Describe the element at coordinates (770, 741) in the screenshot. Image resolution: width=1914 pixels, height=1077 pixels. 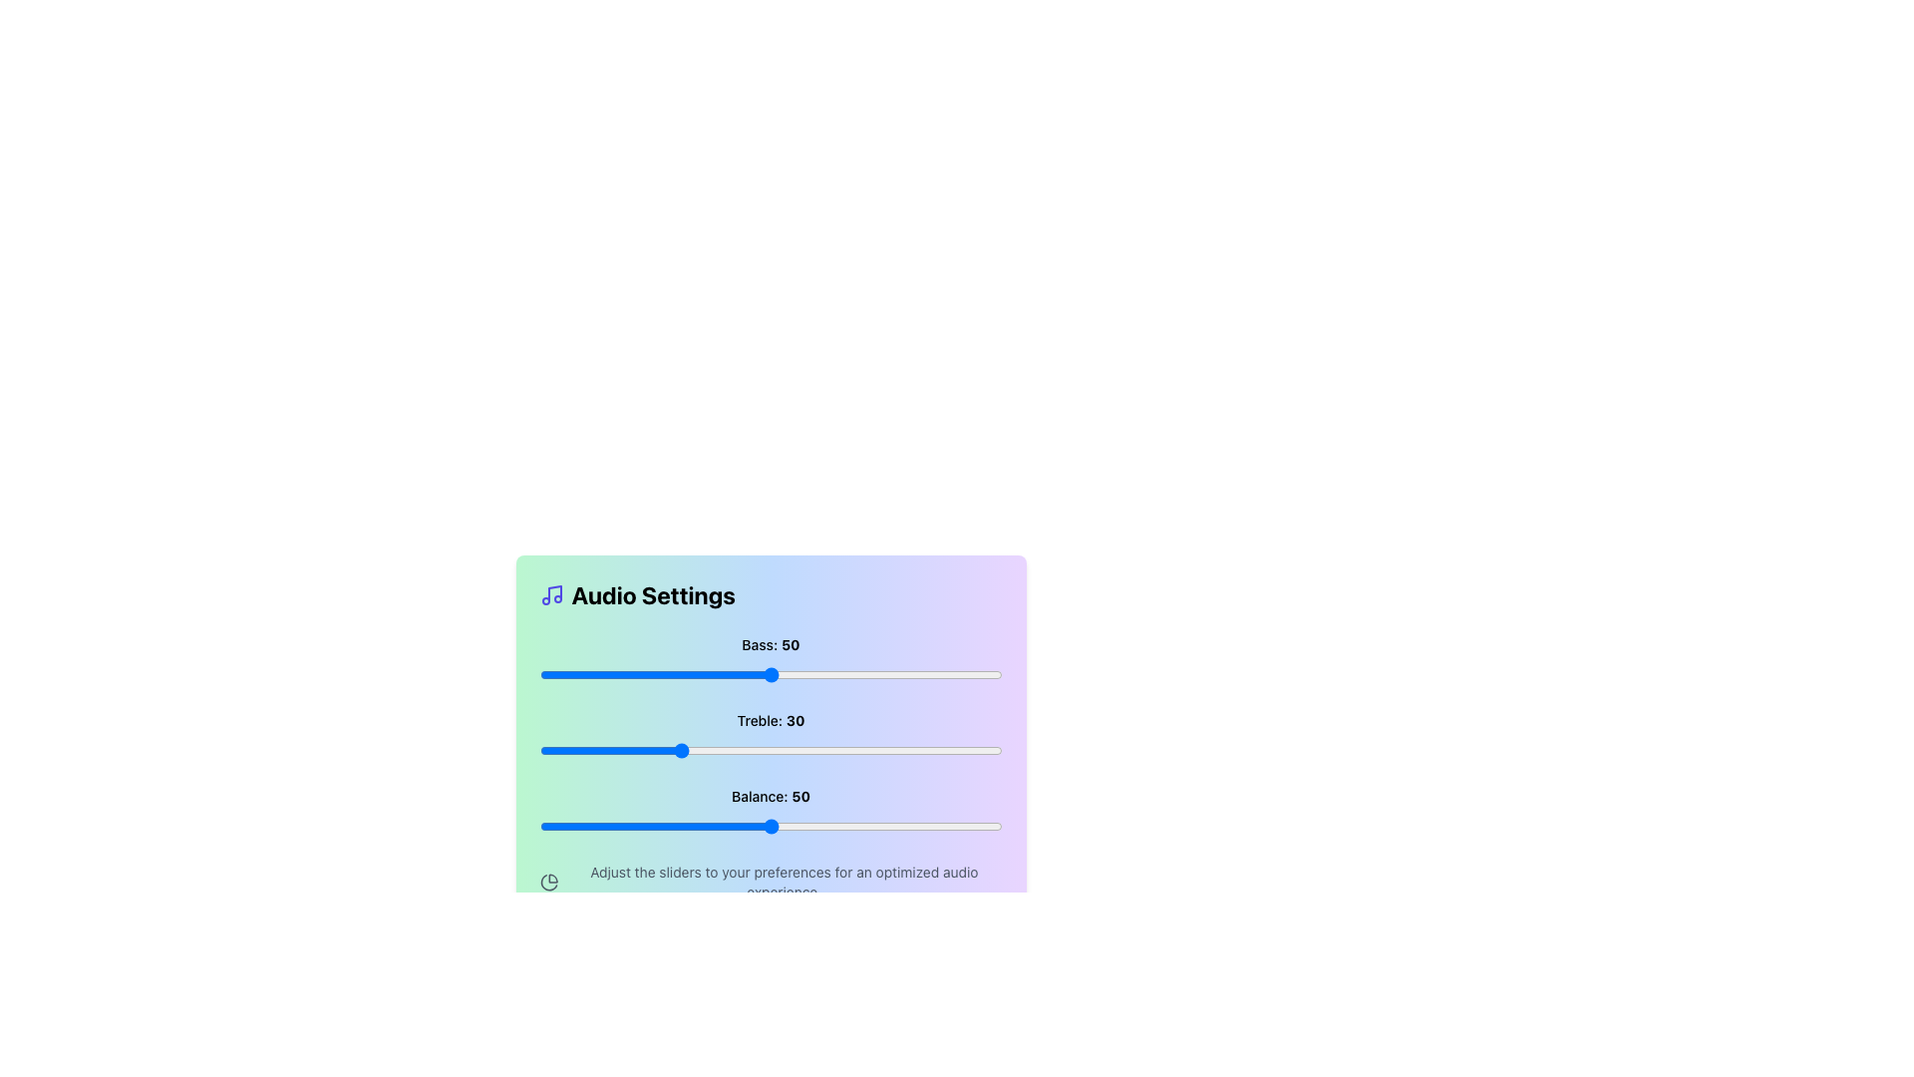
I see `the sliders in the 'Audio Settings' panel` at that location.